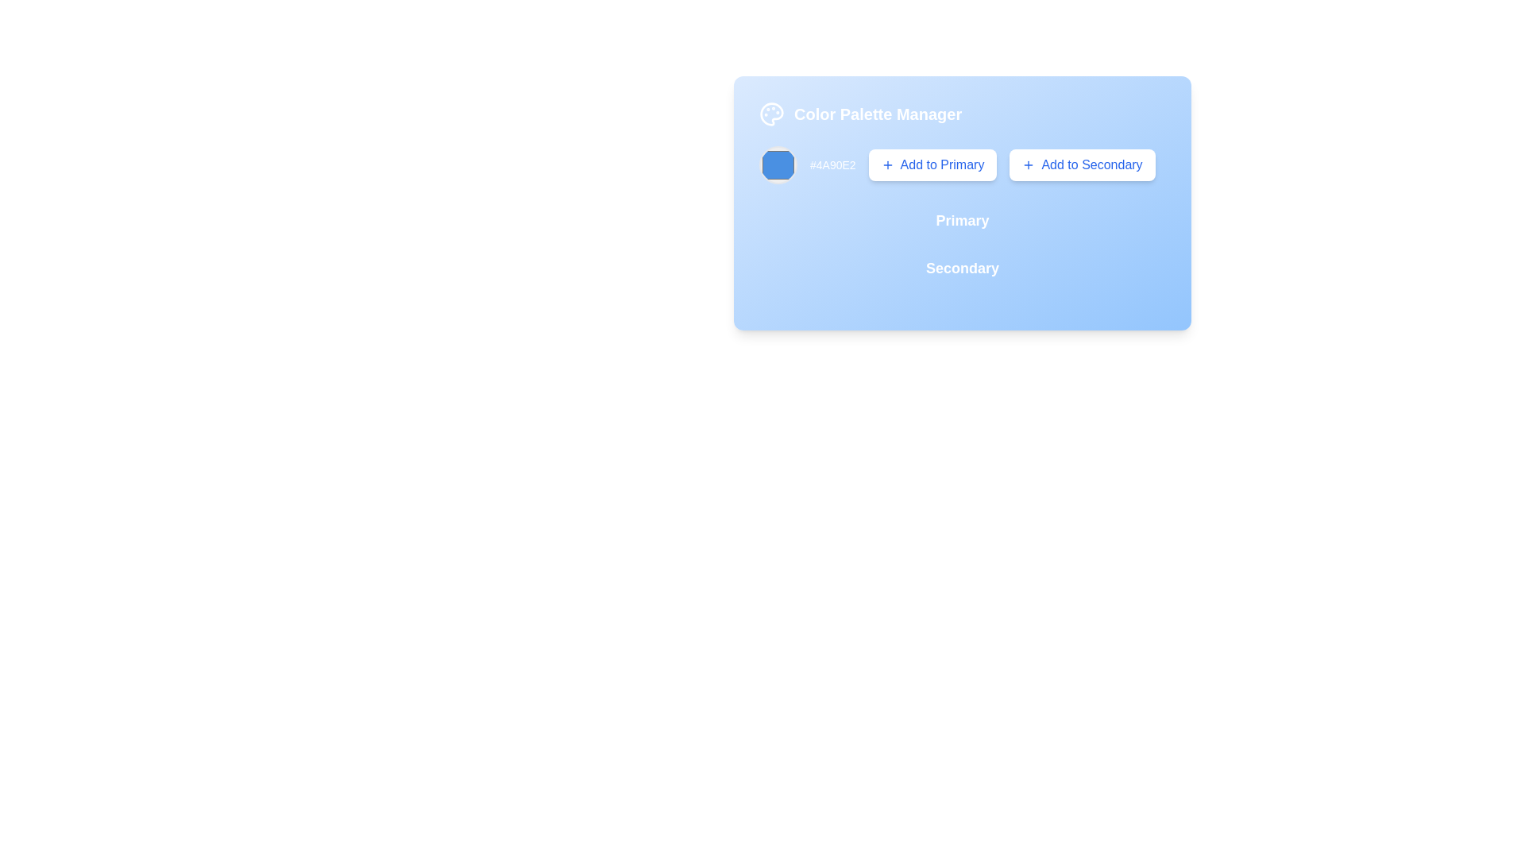  I want to click on the button labeled 'Add to Primary' to observe styling changes, located to the right of the color block labeled '#4A90E2', so click(932, 165).